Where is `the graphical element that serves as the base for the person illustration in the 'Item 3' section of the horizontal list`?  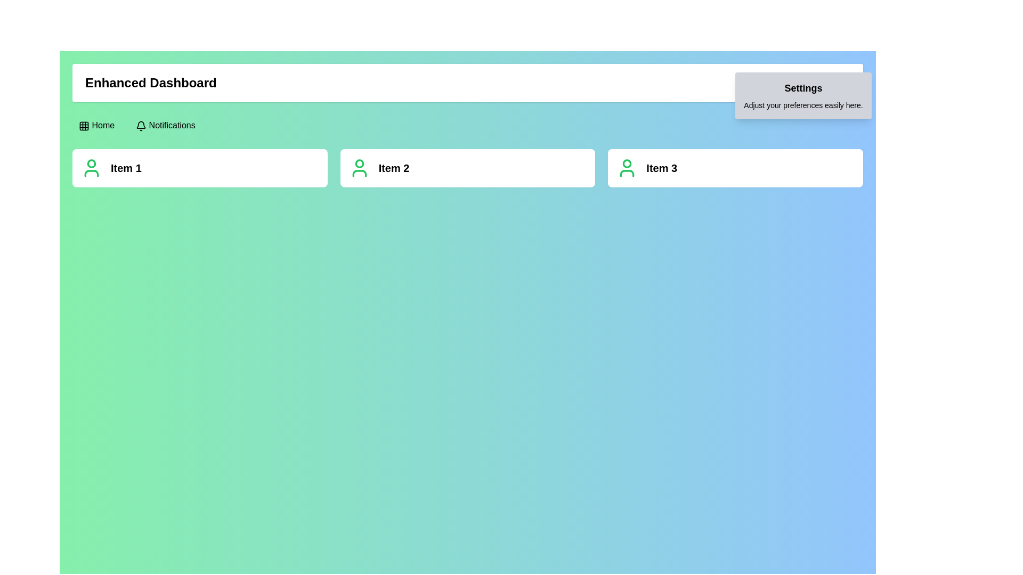 the graphical element that serves as the base for the person illustration in the 'Item 3' section of the horizontal list is located at coordinates (627, 173).